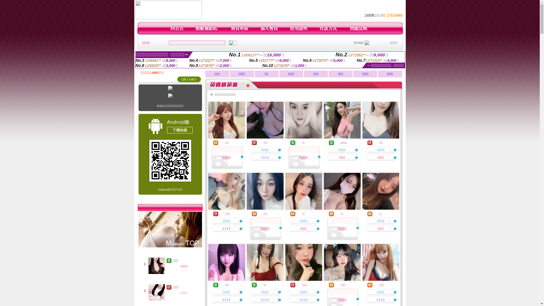  I want to click on 'HOME', so click(353, 42).